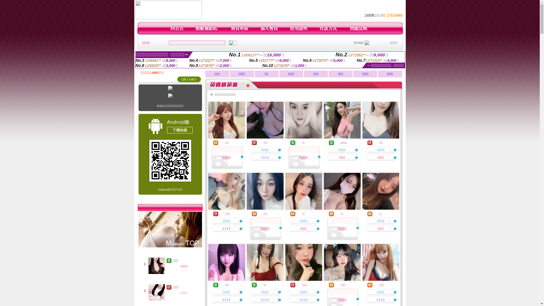  I want to click on 'HOME', so click(353, 42).